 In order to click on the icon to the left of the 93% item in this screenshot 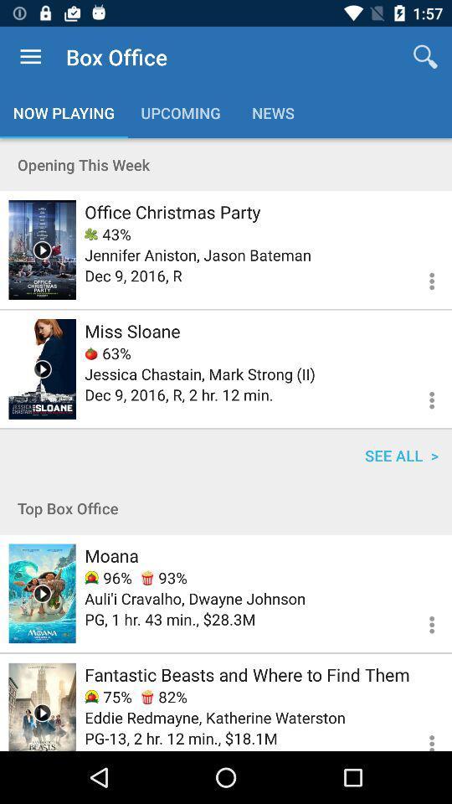, I will do `click(108, 578)`.